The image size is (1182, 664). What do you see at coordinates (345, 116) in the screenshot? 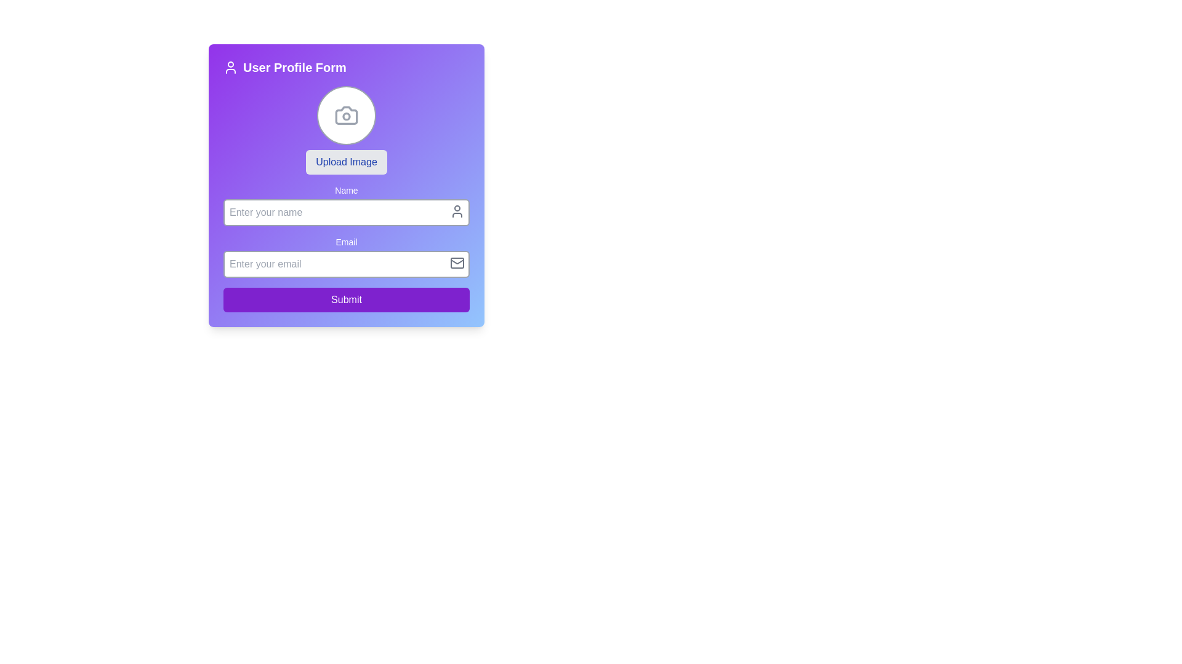
I see `the camera icon located above the 'Upload Image' button, which represents functionality for image uploading or taking a photo` at bounding box center [345, 116].